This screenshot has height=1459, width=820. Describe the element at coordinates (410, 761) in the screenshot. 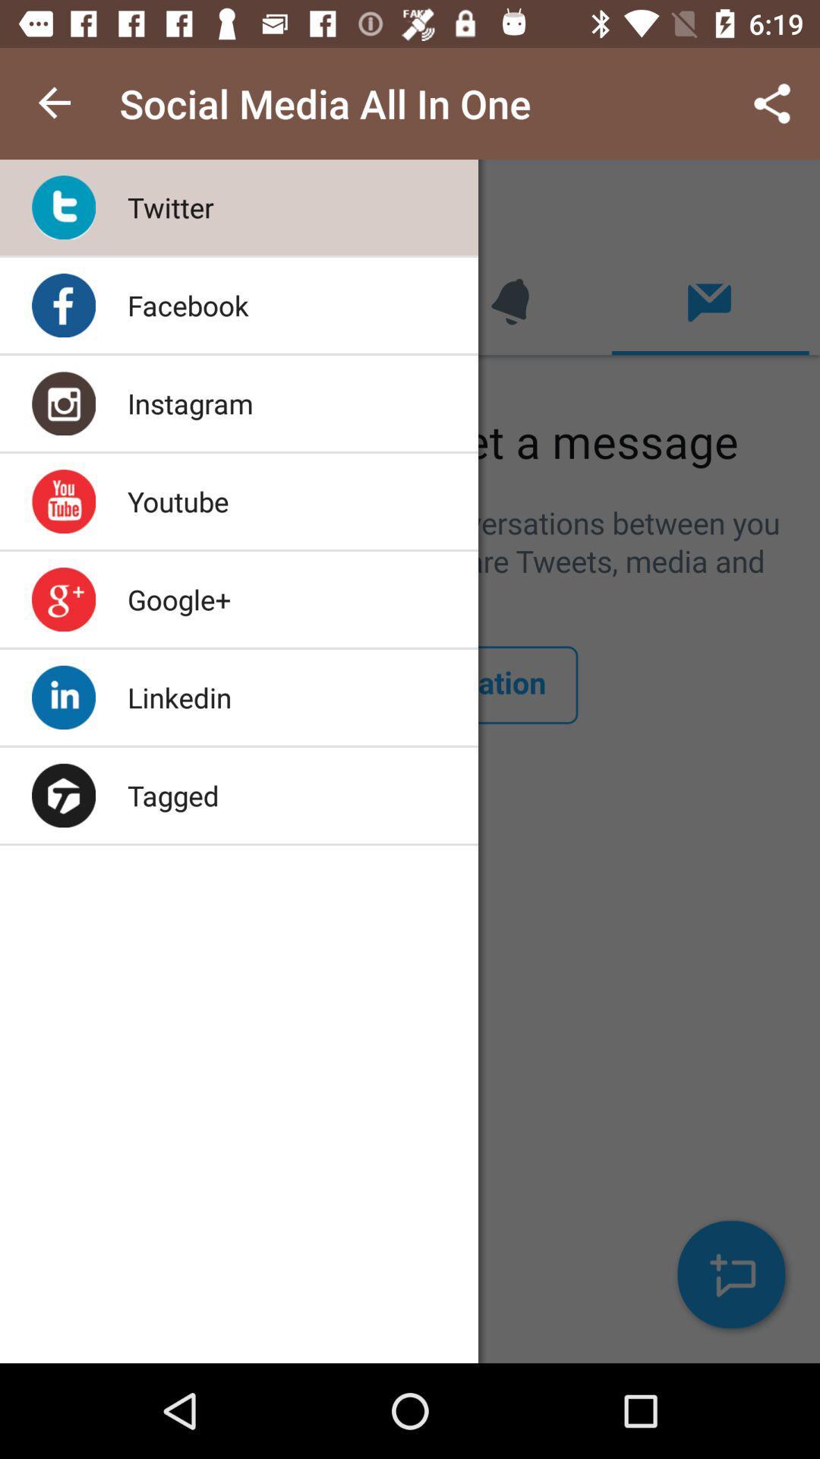

I see `screen selection` at that location.